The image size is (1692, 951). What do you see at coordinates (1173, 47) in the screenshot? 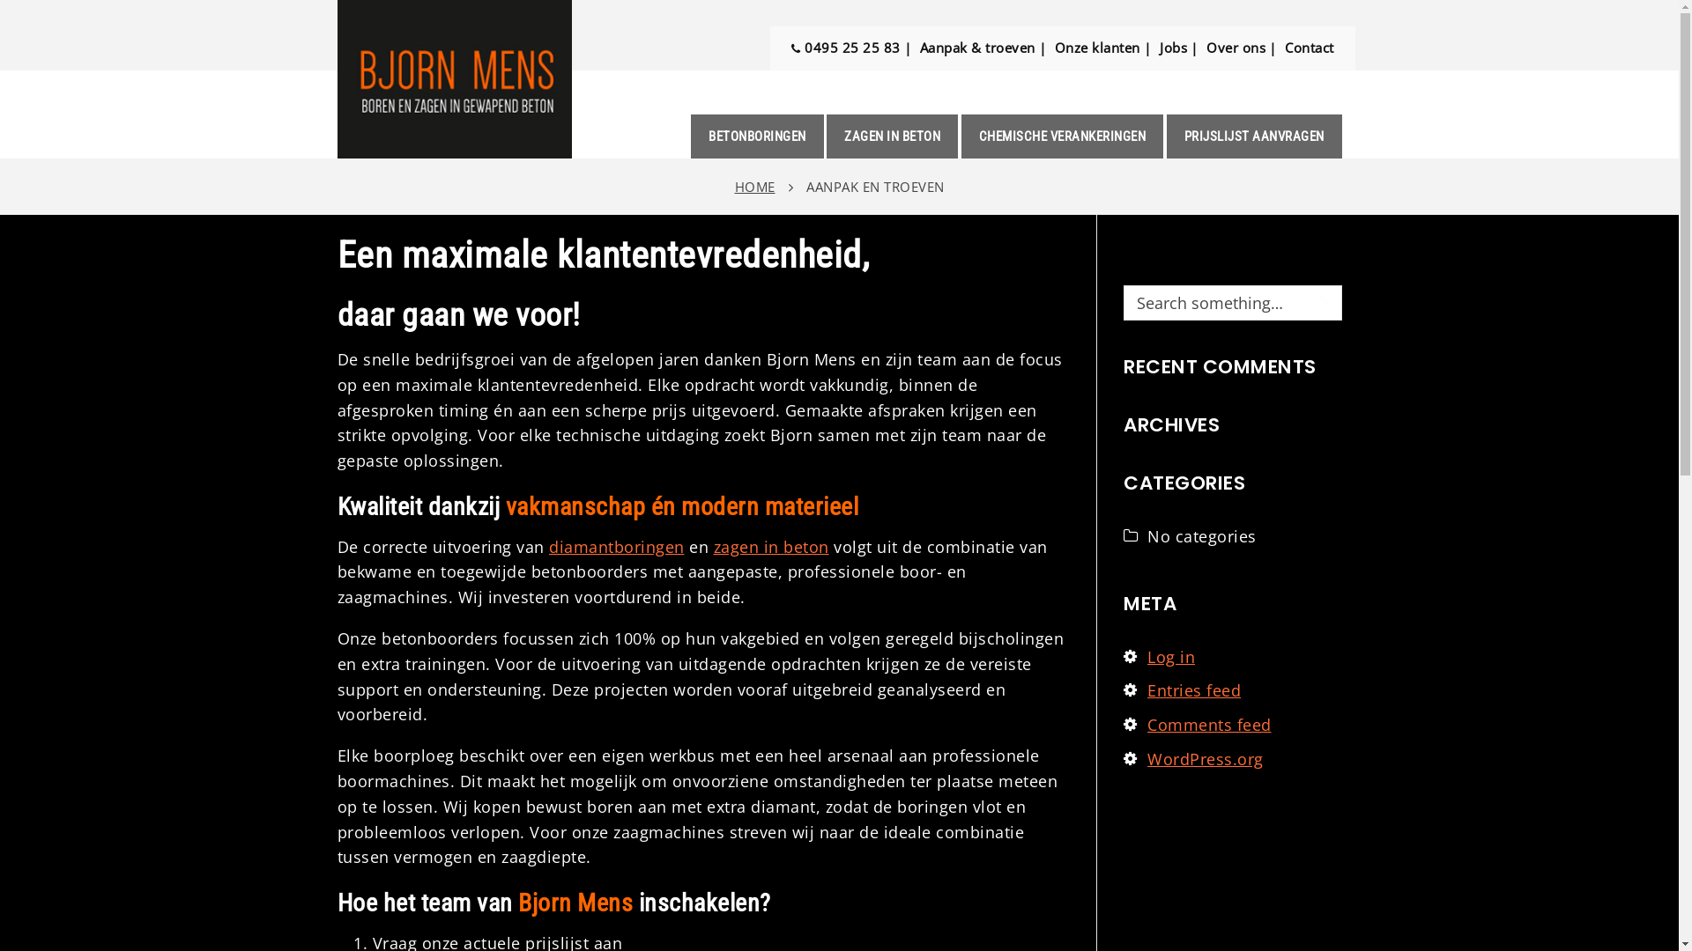
I see `'Jobs'` at bounding box center [1173, 47].